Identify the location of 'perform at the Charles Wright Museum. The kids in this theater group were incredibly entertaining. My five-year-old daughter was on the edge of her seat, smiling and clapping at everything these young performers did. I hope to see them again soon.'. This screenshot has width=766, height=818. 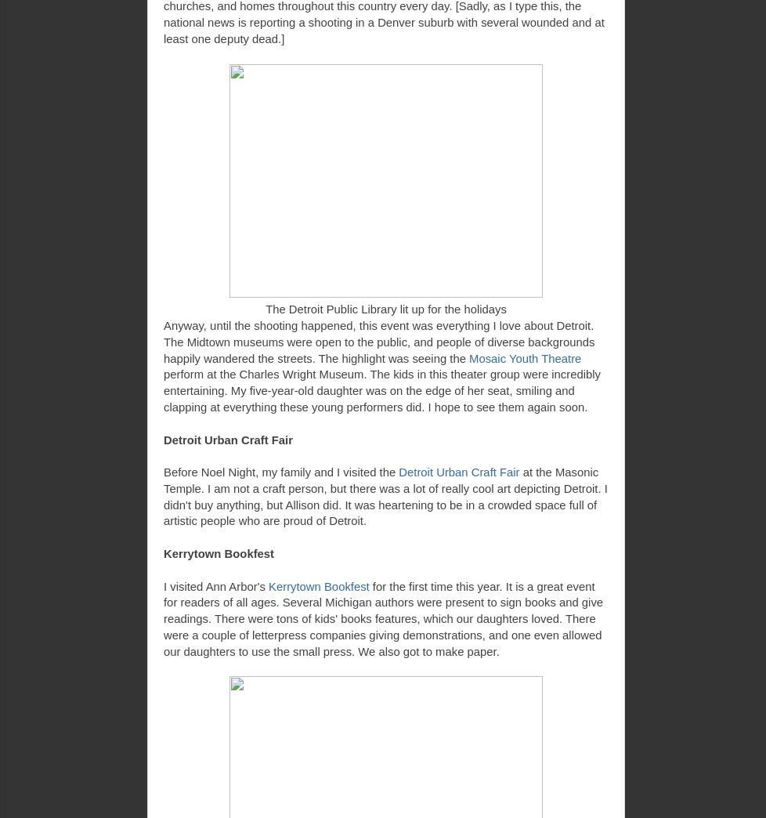
(381, 391).